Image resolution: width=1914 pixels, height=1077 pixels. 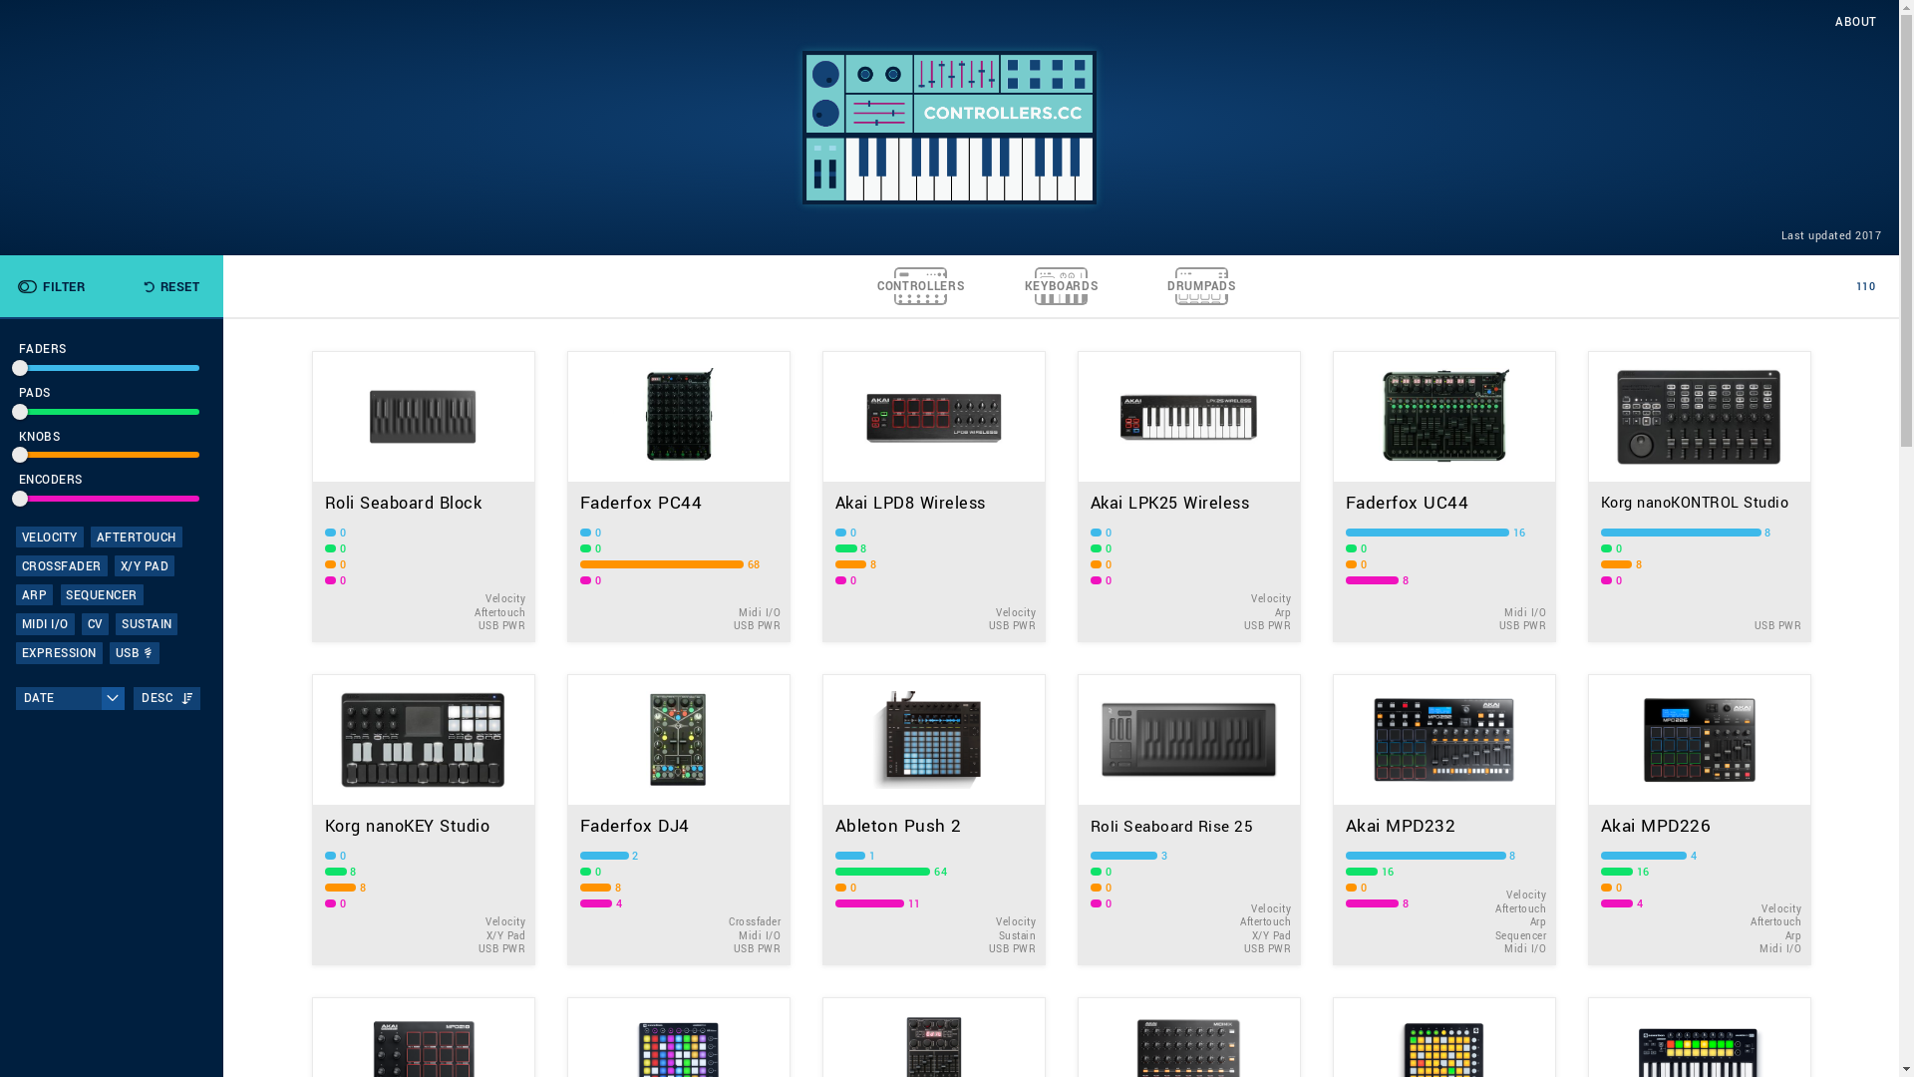 I want to click on 'FILTER', so click(x=15, y=285).